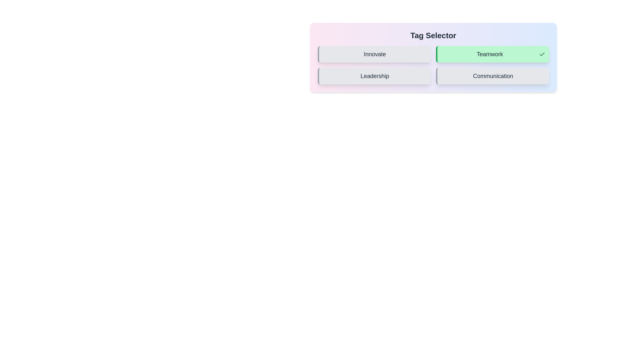 This screenshot has width=617, height=347. I want to click on the tag Communication to observe hover effects, so click(492, 76).